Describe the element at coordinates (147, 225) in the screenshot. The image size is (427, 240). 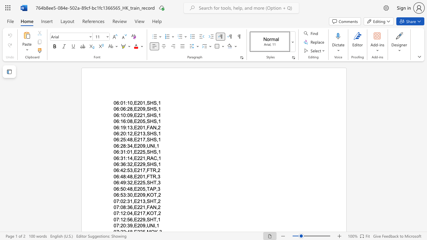
I see `the space between the continuous character "," and "U" in the text` at that location.